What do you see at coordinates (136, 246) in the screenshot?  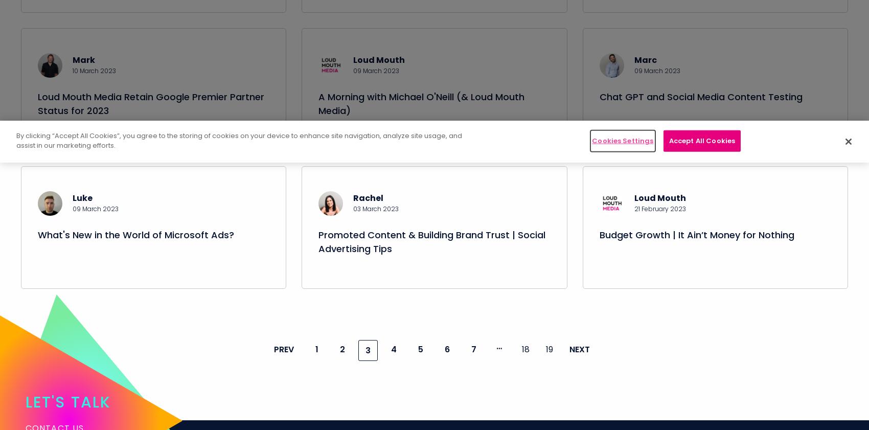 I see `'What's New in the World of Microsoft Ads?'` at bounding box center [136, 246].